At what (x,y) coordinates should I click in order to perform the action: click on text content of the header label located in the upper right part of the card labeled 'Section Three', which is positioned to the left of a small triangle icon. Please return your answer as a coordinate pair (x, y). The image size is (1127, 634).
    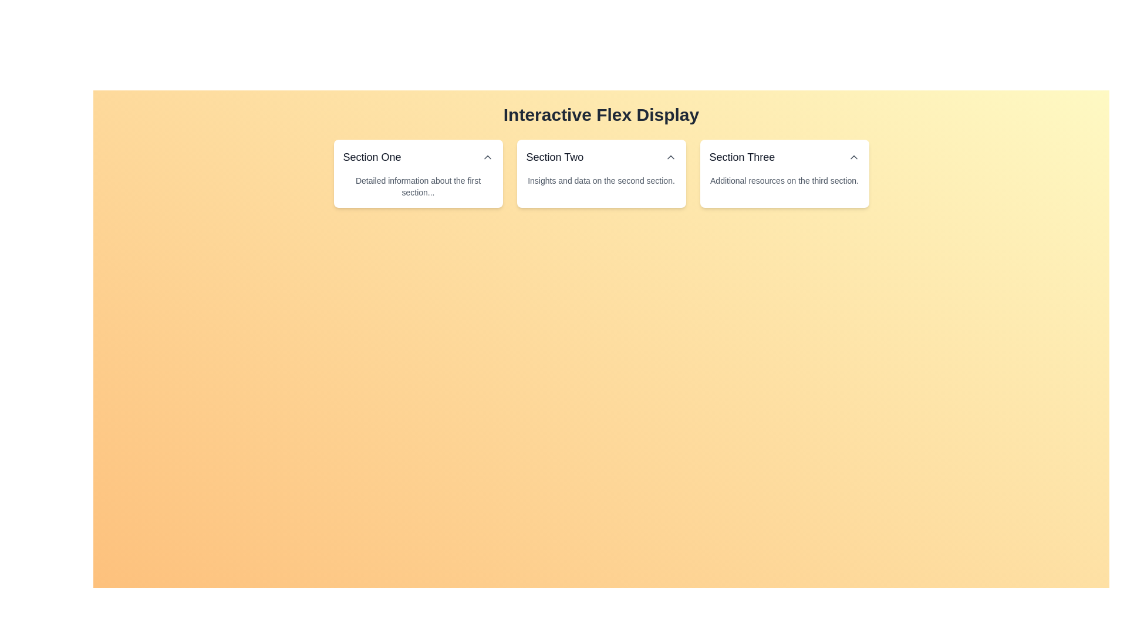
    Looking at the image, I should click on (741, 156).